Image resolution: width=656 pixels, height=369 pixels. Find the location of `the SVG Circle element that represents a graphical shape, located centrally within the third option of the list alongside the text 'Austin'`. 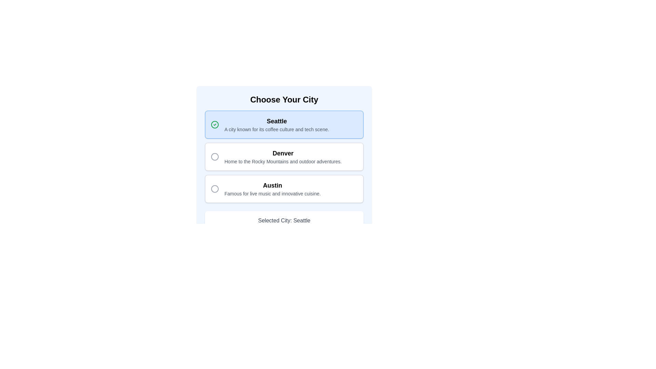

the SVG Circle element that represents a graphical shape, located centrally within the third option of the list alongside the text 'Austin' is located at coordinates (214, 189).